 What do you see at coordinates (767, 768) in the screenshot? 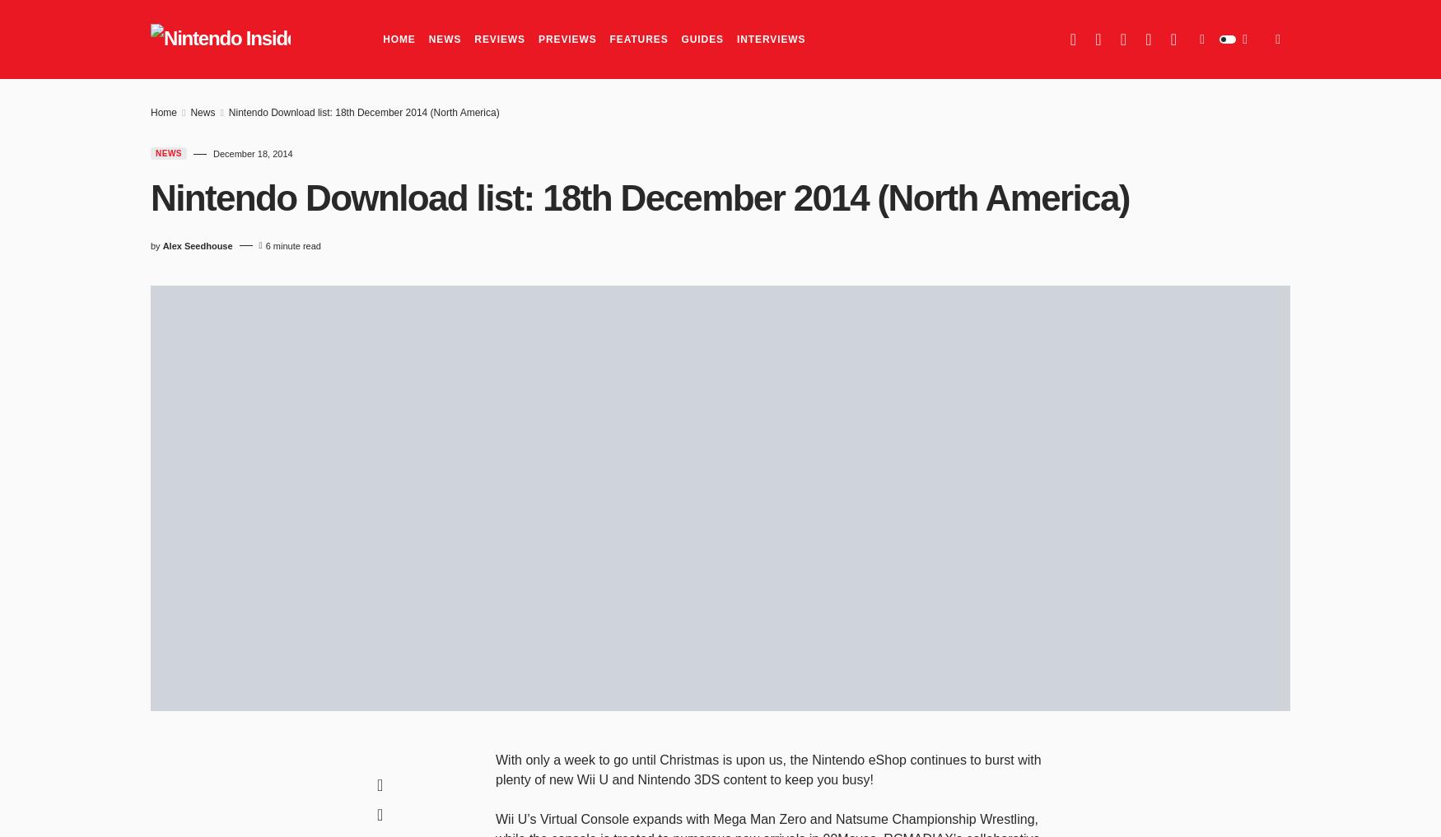
I see `'With only a week to go until Christmas is upon us, the Nintendo eShop continues to burst with plenty of new Wii U and Nintendo 3DS content to keep you busy!'` at bounding box center [767, 768].